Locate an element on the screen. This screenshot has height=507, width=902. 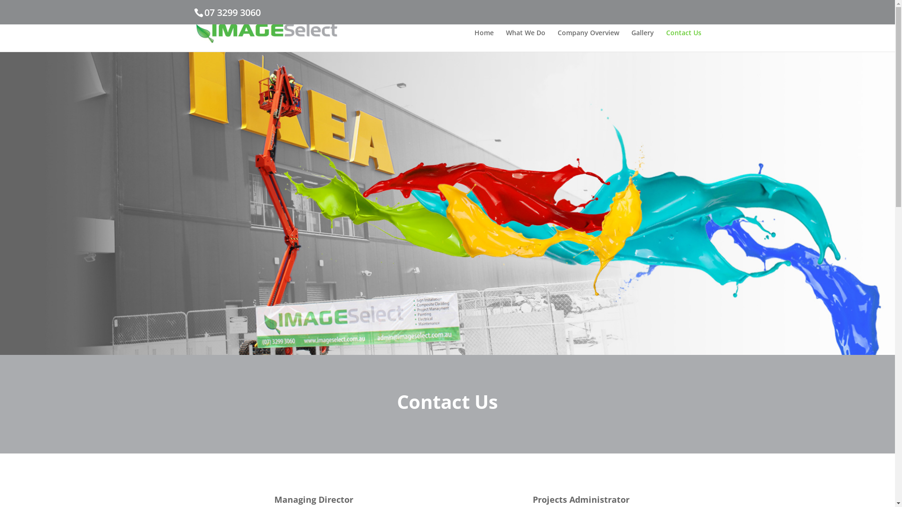
'What We Do' is located at coordinates (525, 40).